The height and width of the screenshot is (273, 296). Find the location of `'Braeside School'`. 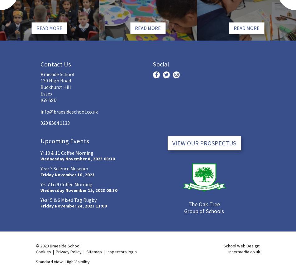

'Braeside School' is located at coordinates (57, 74).